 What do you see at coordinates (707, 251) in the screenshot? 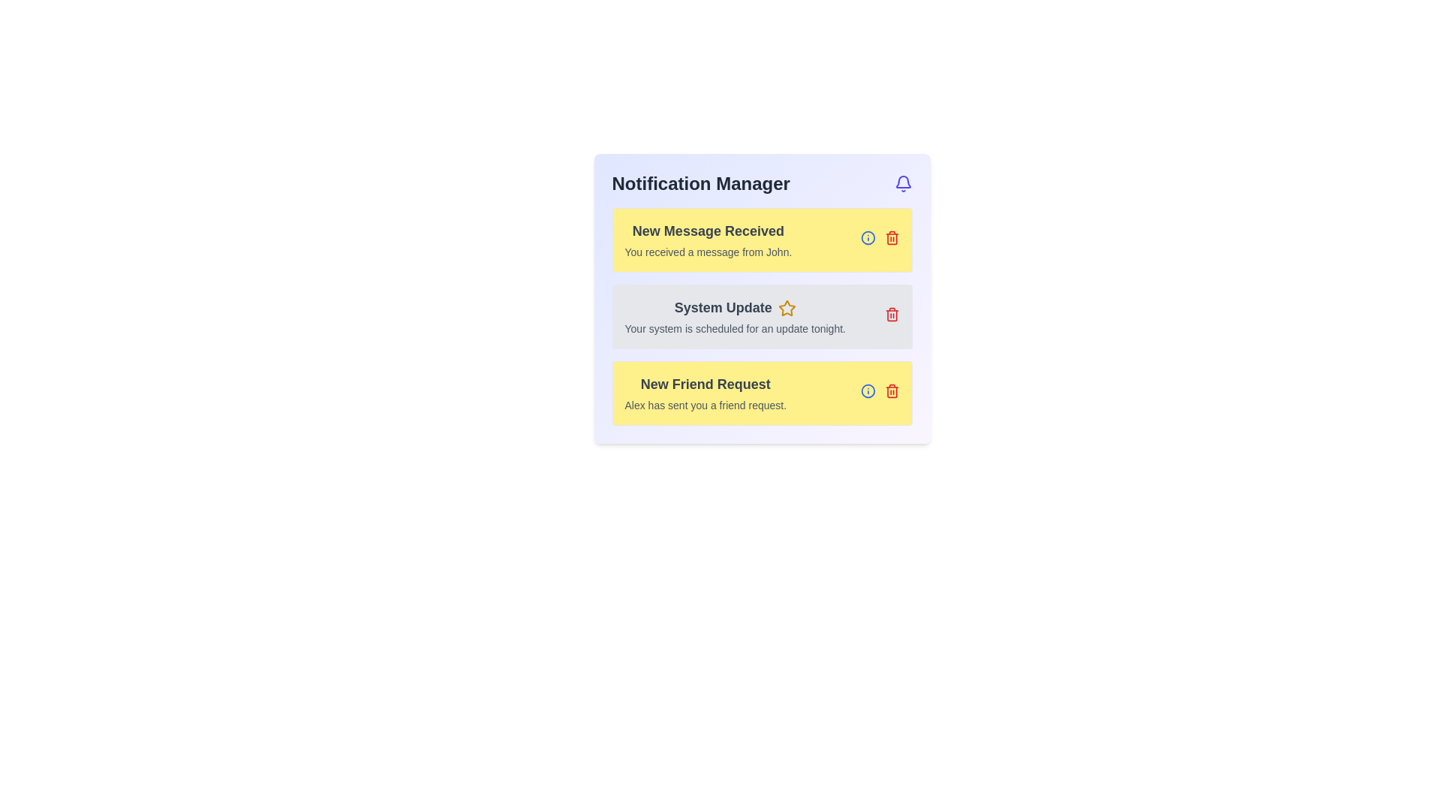
I see `text label that informs the user about a newly received message from 'John', positioned below 'New Message Received' in the top-left notification card of the Notification Manager` at bounding box center [707, 251].